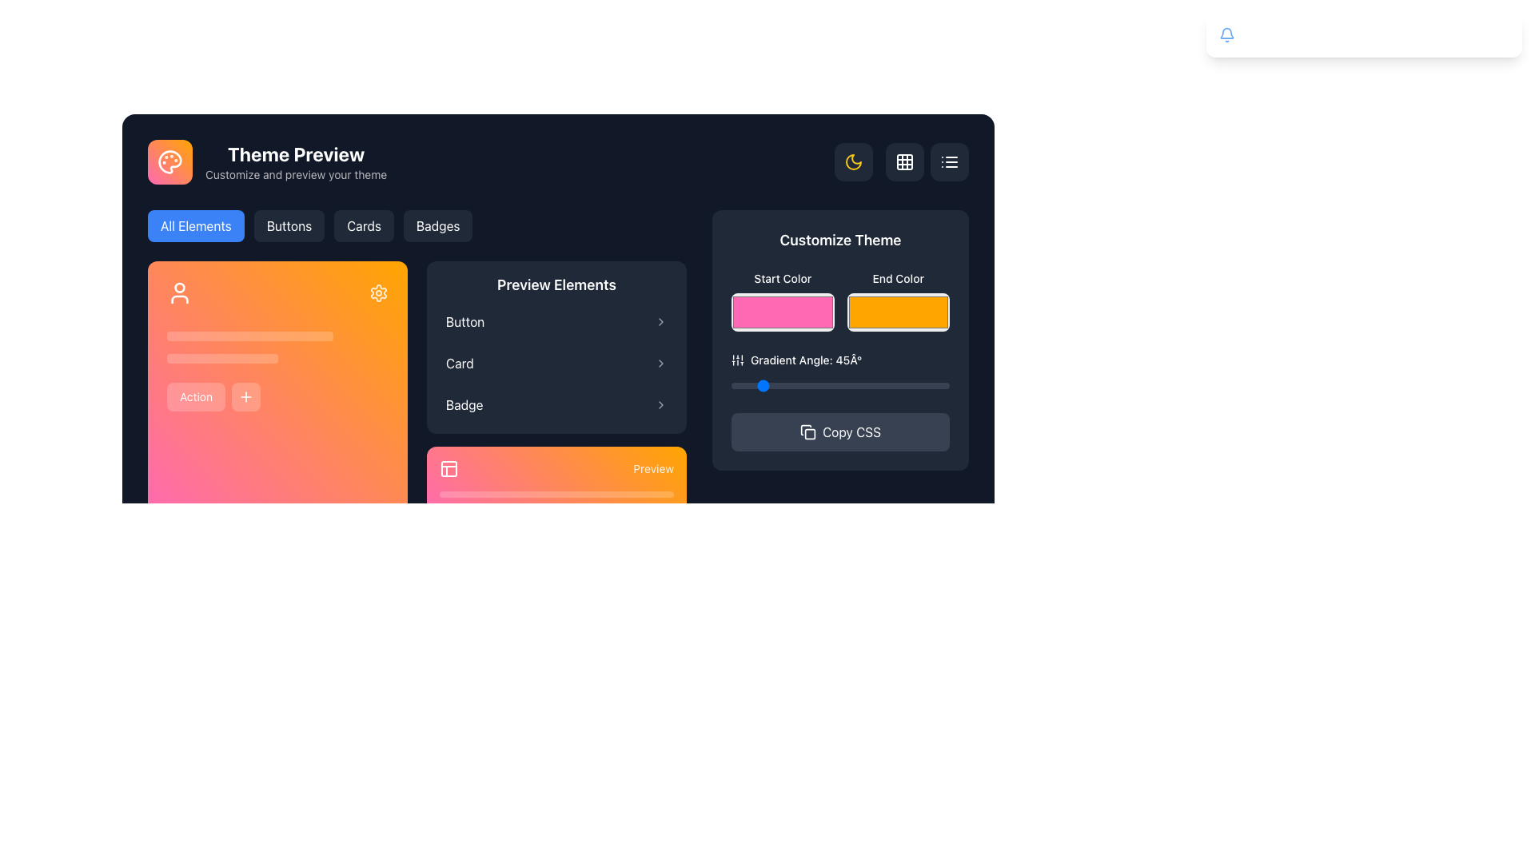 The image size is (1535, 863). I want to click on the second button labeled 'Buttons' with a dark gray background, so click(289, 225).